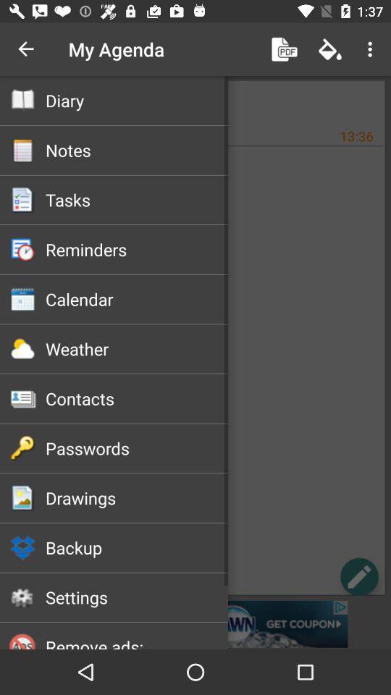 The height and width of the screenshot is (695, 391). Describe the element at coordinates (22, 100) in the screenshot. I see `the symbol which is before diary` at that location.